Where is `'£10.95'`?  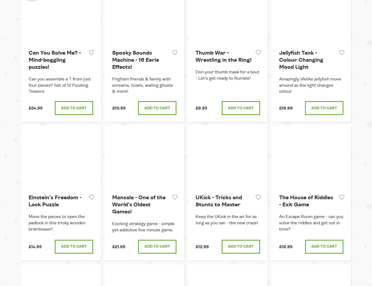
'£10.95' is located at coordinates (118, 108).